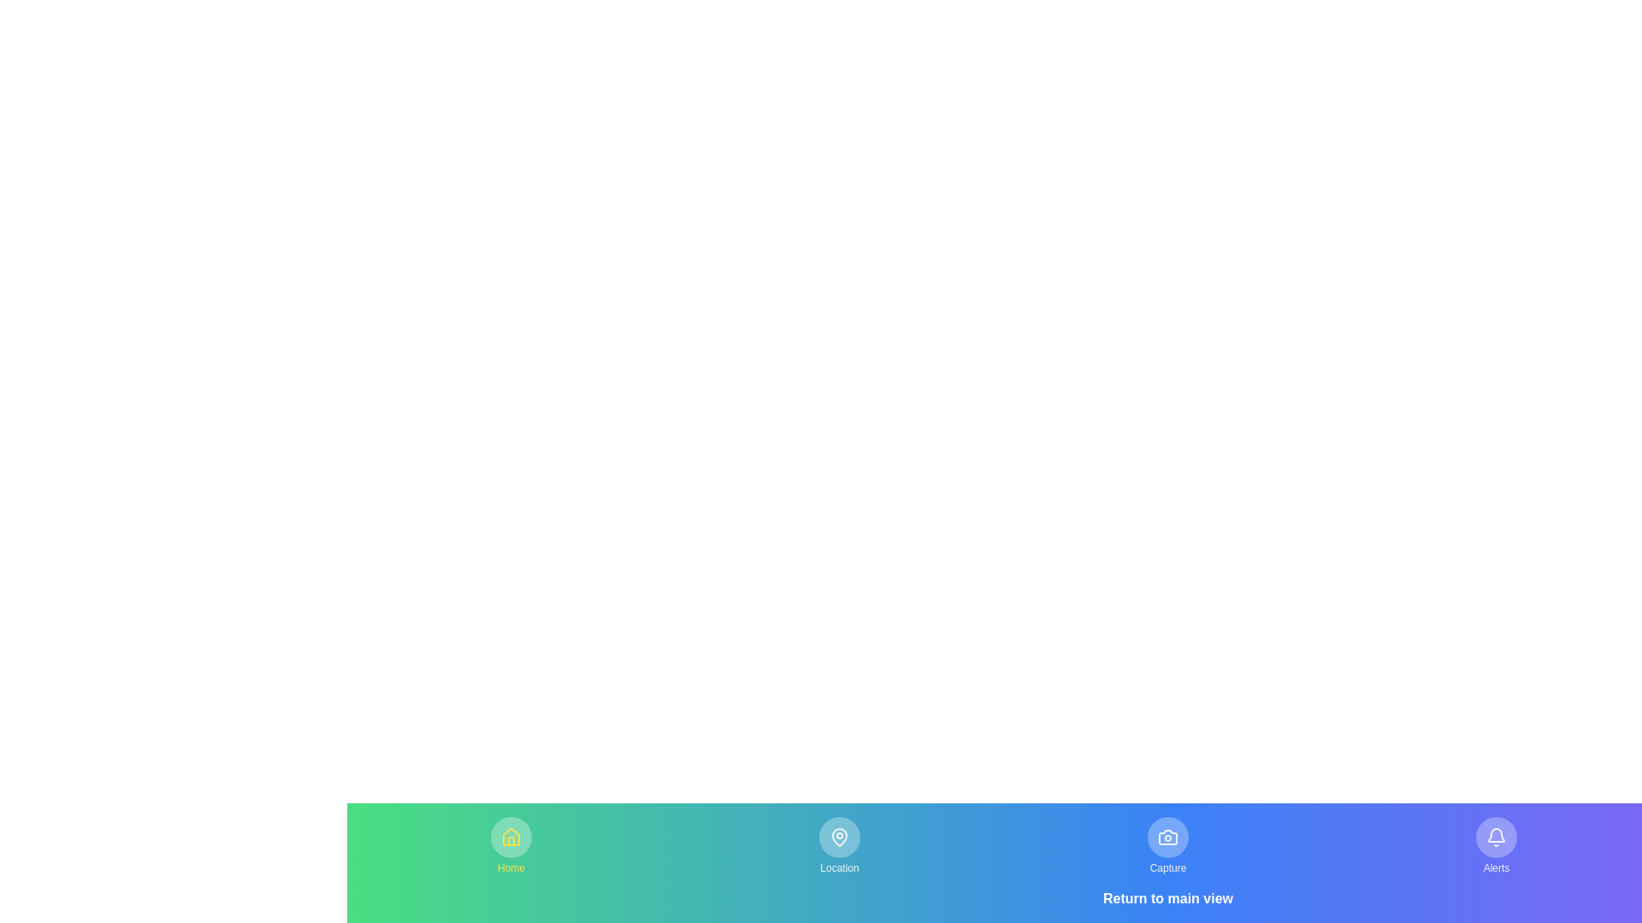 The height and width of the screenshot is (923, 1642). What do you see at coordinates (511, 846) in the screenshot?
I see `the menu item labeled Home to trigger its hover effect` at bounding box center [511, 846].